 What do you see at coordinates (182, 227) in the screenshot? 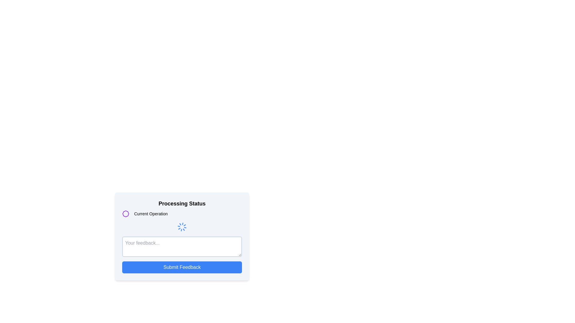
I see `the blue spinning loader icon representing the activity indicator located beneath the 'Current Operation' text in the main content area of the card layout` at bounding box center [182, 227].